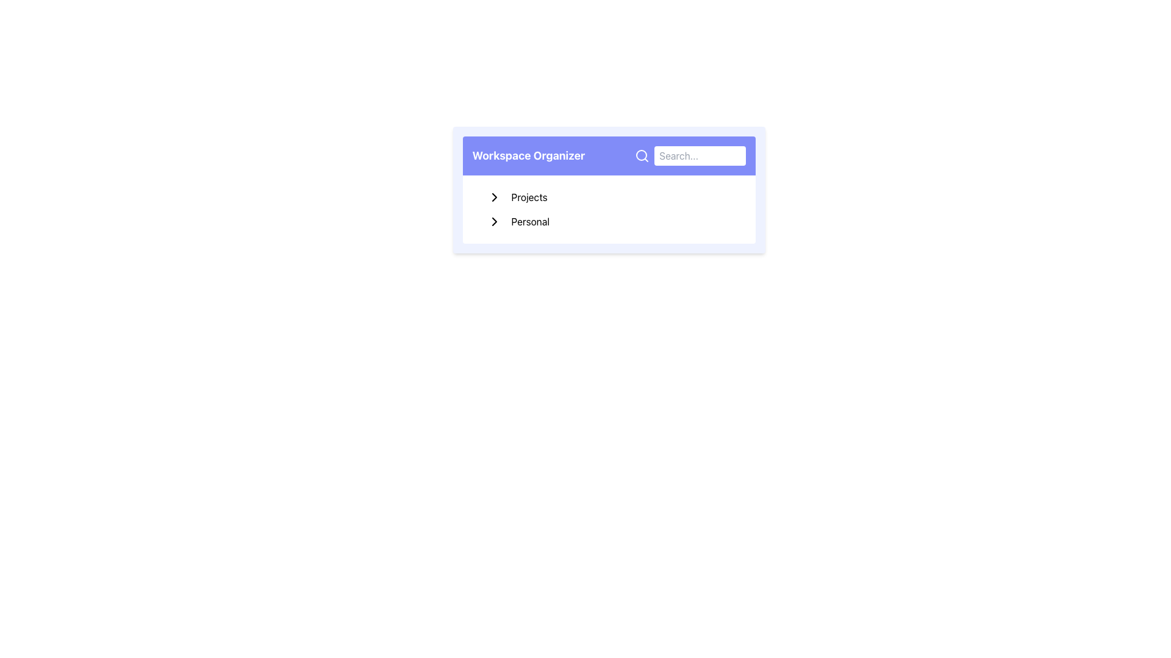  What do you see at coordinates (530, 221) in the screenshot?
I see `the text label stating 'Personal' to read its content` at bounding box center [530, 221].